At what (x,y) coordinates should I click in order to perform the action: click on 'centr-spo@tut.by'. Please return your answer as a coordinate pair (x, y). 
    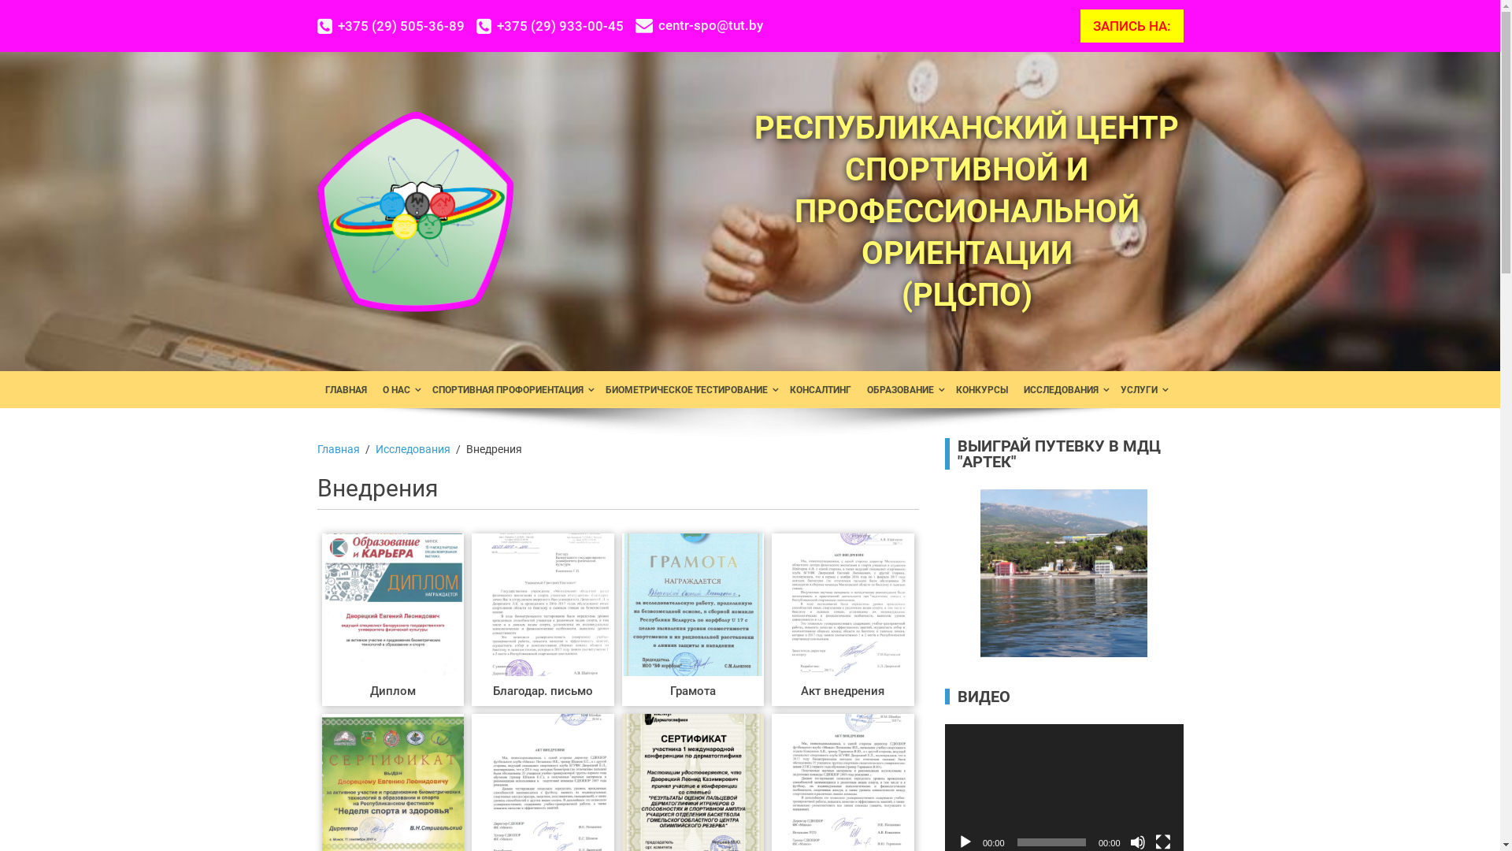
    Looking at the image, I should click on (698, 25).